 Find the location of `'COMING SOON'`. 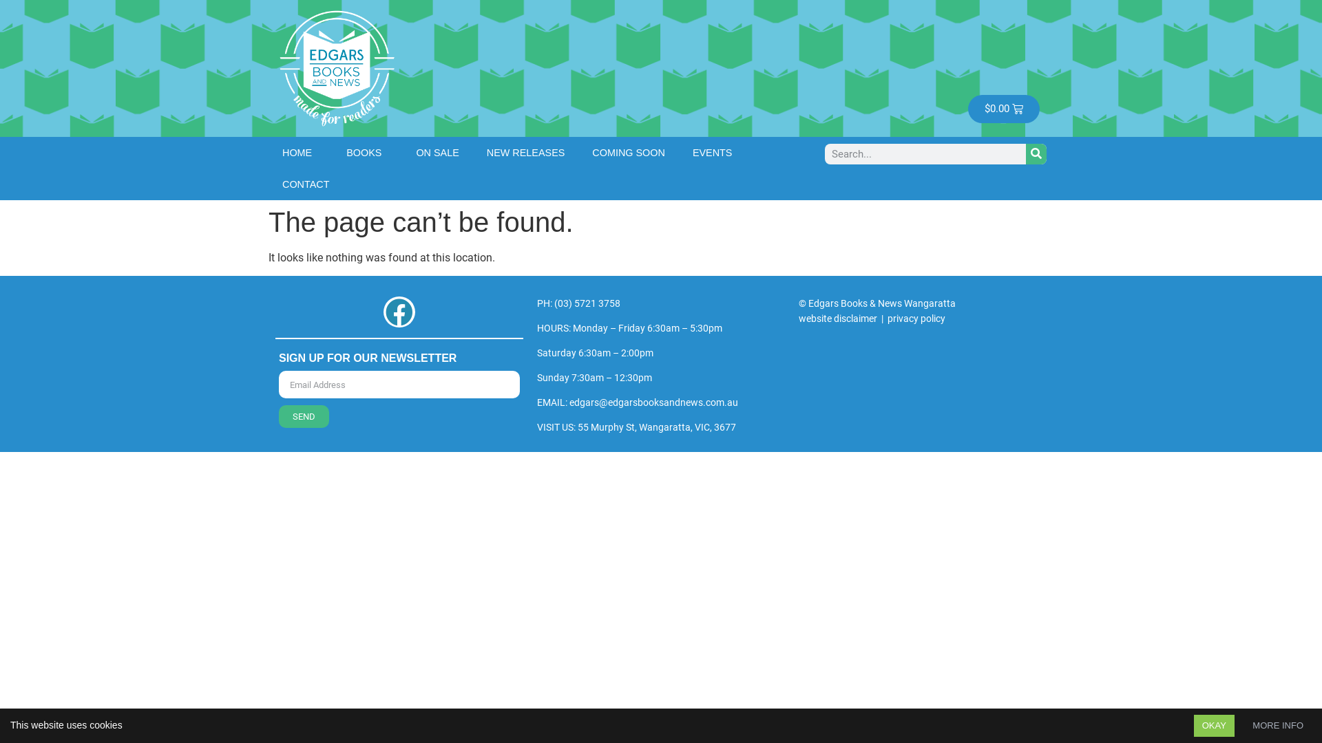

'COMING SOON' is located at coordinates (627, 151).